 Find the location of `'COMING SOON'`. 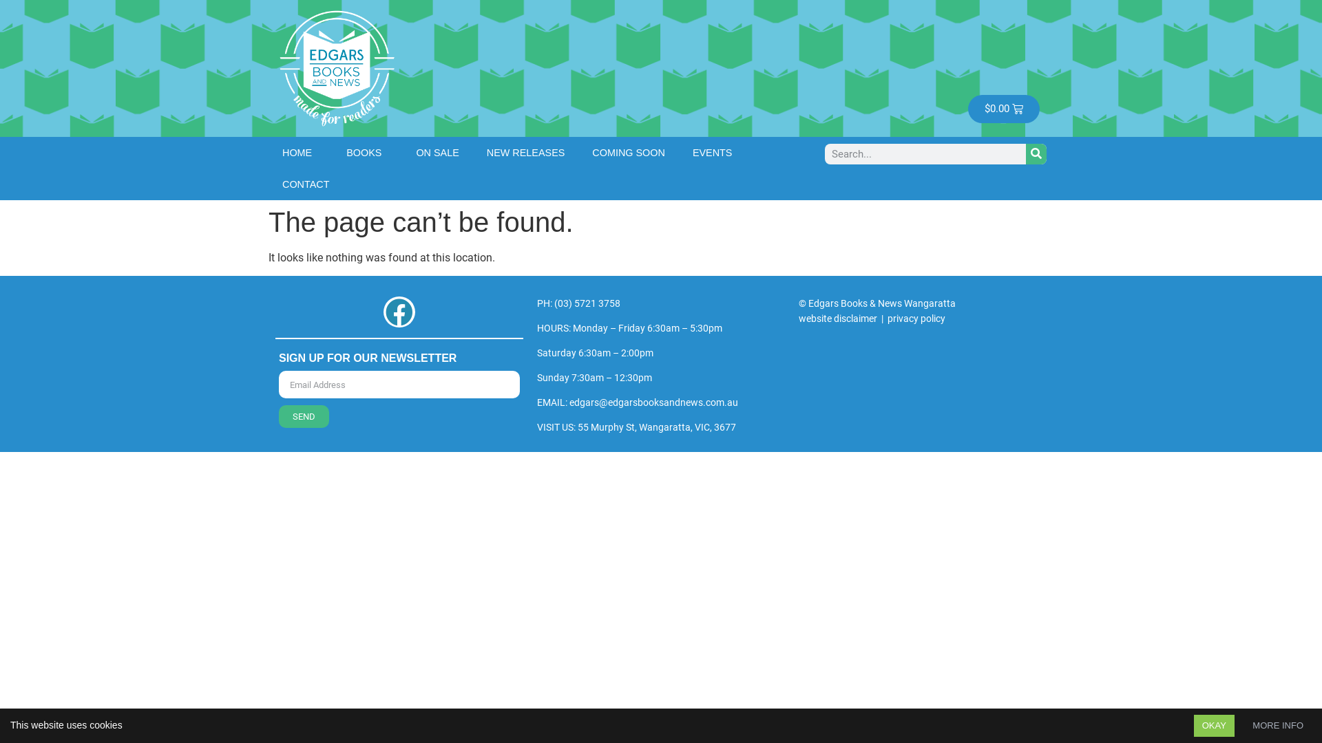

'COMING SOON' is located at coordinates (627, 151).